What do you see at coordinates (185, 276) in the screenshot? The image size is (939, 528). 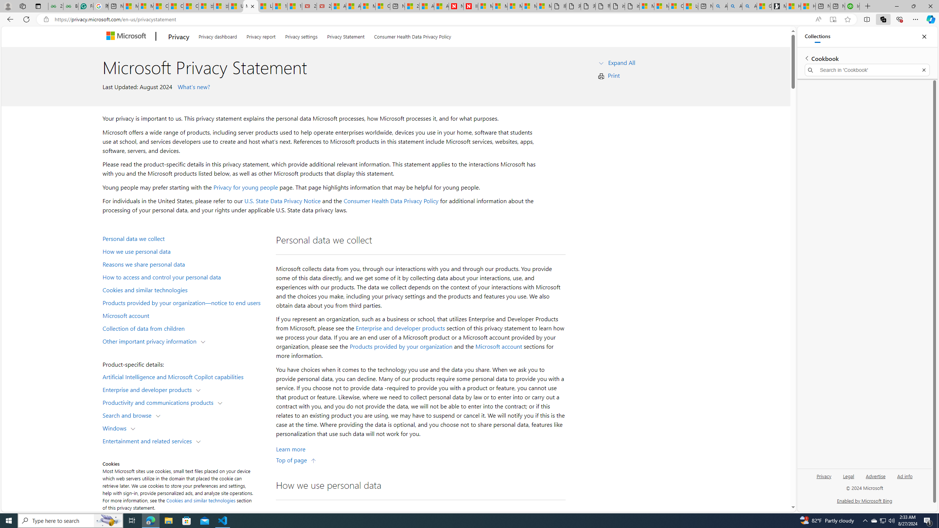 I see `'How to access and control your personal data'` at bounding box center [185, 276].